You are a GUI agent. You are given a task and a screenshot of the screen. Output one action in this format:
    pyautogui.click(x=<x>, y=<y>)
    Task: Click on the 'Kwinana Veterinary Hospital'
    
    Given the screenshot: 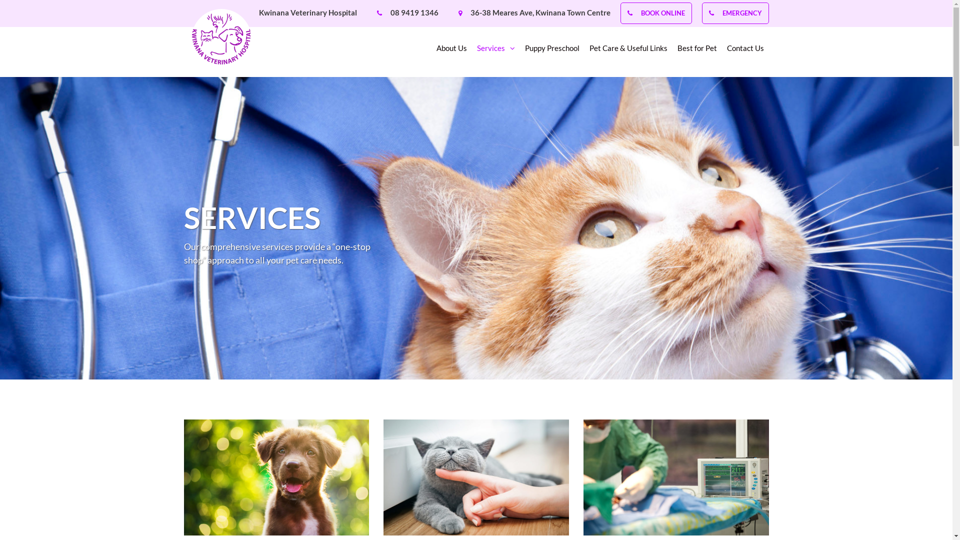 What is the action you would take?
    pyautogui.click(x=307, y=12)
    